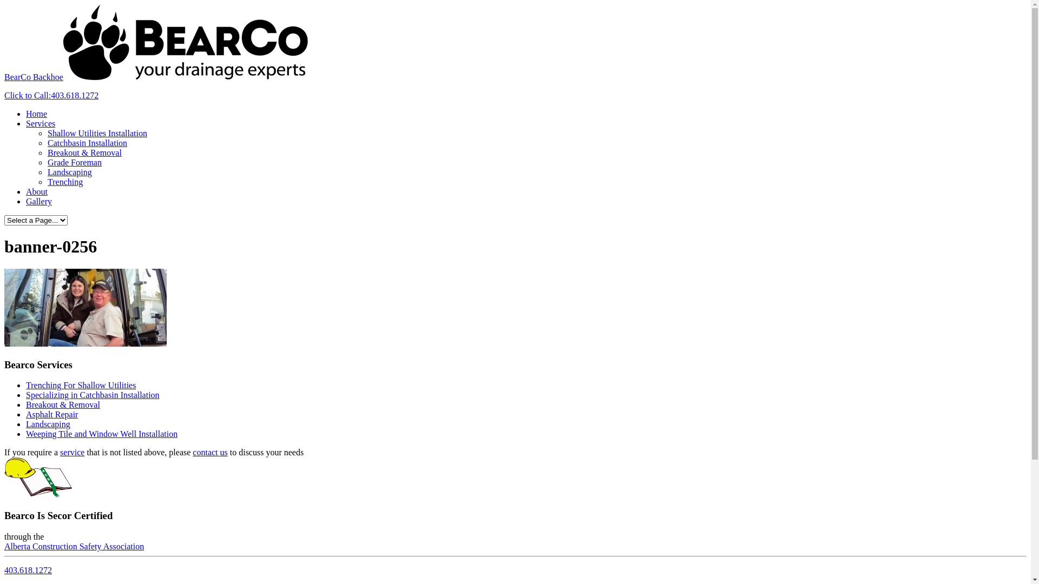  I want to click on 'About', so click(36, 191).